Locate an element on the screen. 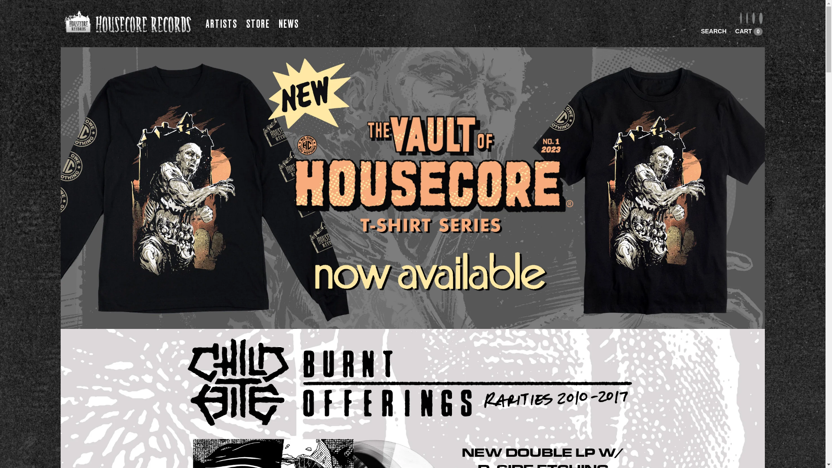 This screenshot has height=468, width=832. 'NEWS' is located at coordinates (289, 24).